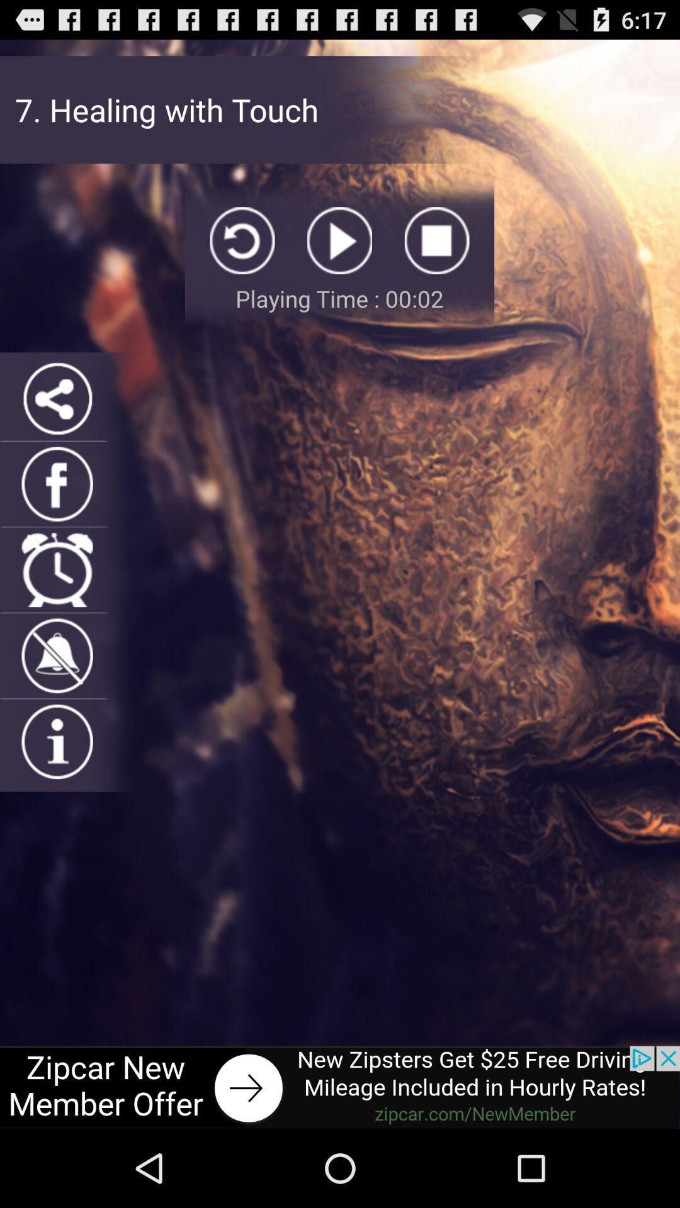 The width and height of the screenshot is (680, 1208). What do you see at coordinates (57, 742) in the screenshot?
I see `tap for more information` at bounding box center [57, 742].